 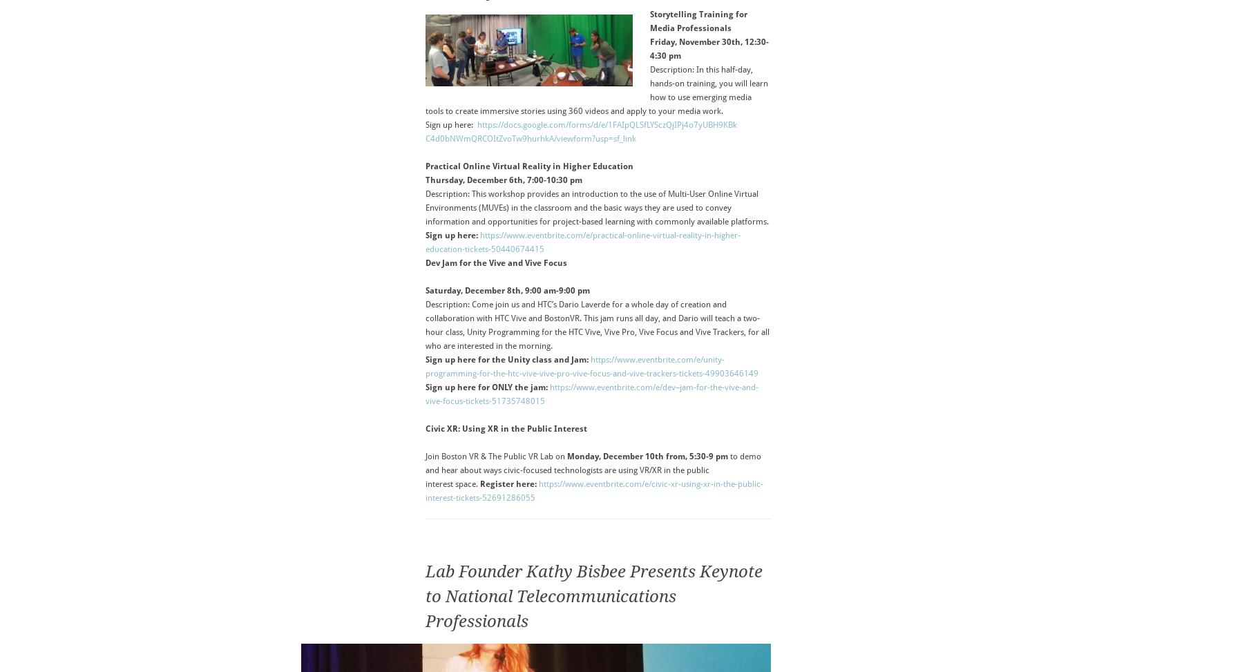 I want to click on 'the-htc-vive-vive-pro-vive-', so click(x=540, y=372).